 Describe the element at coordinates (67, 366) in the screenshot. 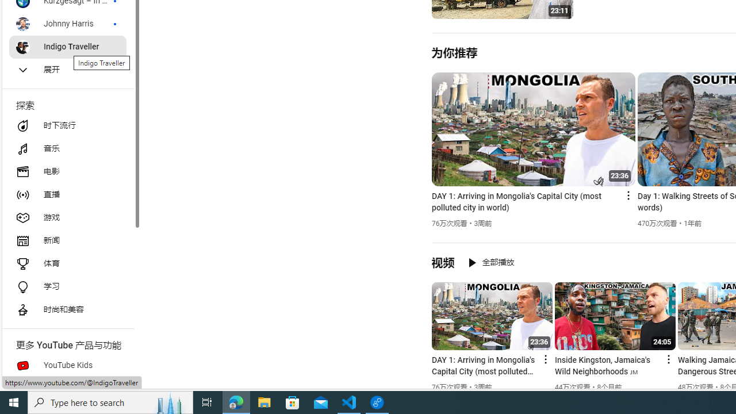

I see `'YouTube Kids'` at that location.